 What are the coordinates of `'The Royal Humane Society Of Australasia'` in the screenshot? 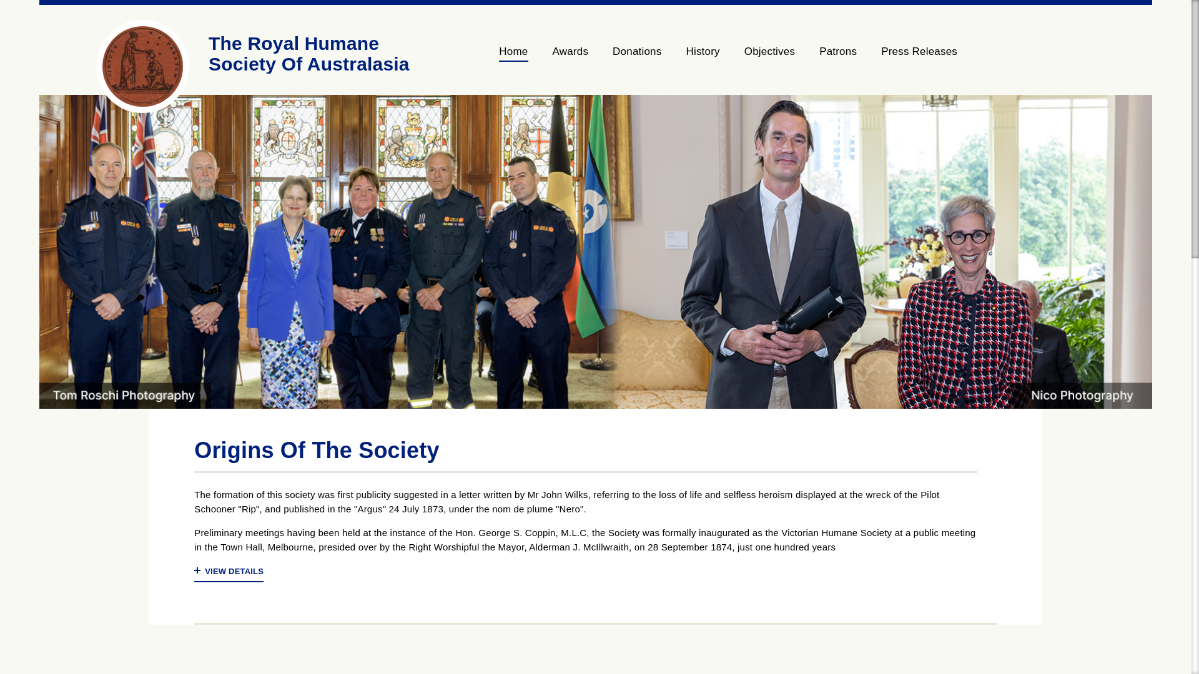 It's located at (308, 52).